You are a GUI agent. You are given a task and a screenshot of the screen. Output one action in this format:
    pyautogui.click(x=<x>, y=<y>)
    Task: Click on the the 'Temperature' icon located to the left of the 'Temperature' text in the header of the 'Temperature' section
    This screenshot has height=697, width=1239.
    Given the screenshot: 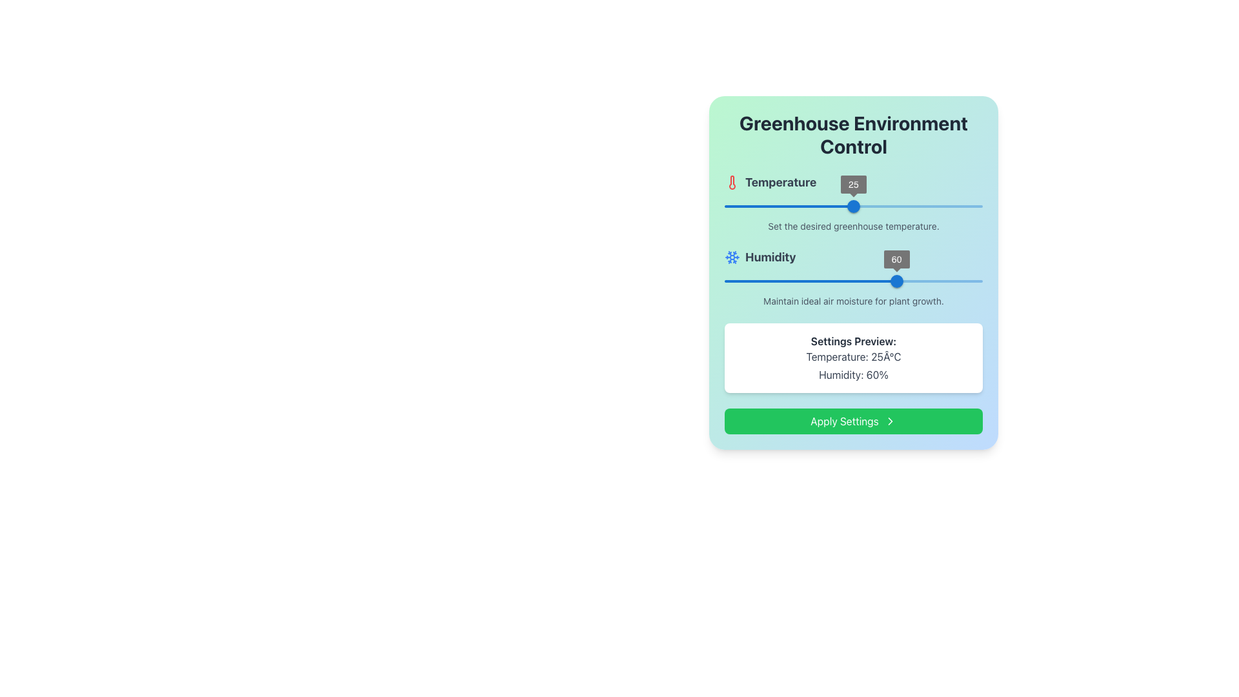 What is the action you would take?
    pyautogui.click(x=732, y=182)
    